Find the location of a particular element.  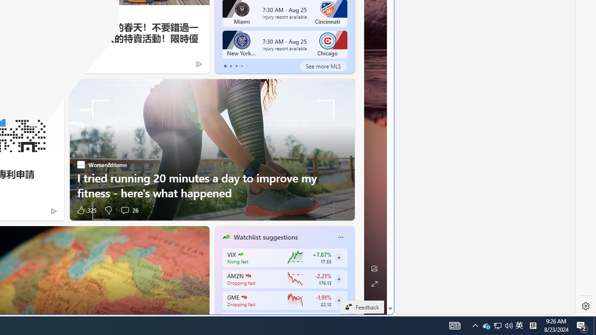

'Edit Background' is located at coordinates (374, 268).